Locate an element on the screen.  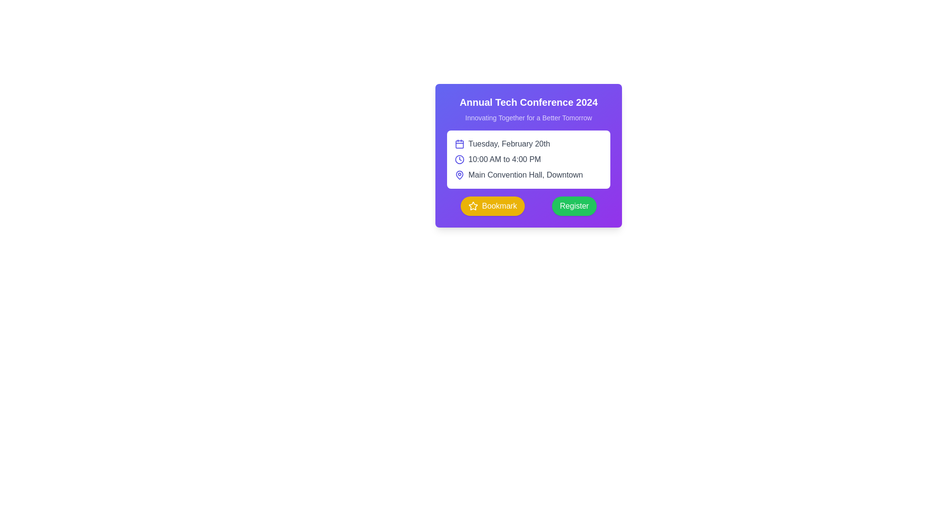
the circular SVG element representing the clock icon located near the text '10:00 AM to 4:00 PM' in the second row of the description card is located at coordinates (459, 159).